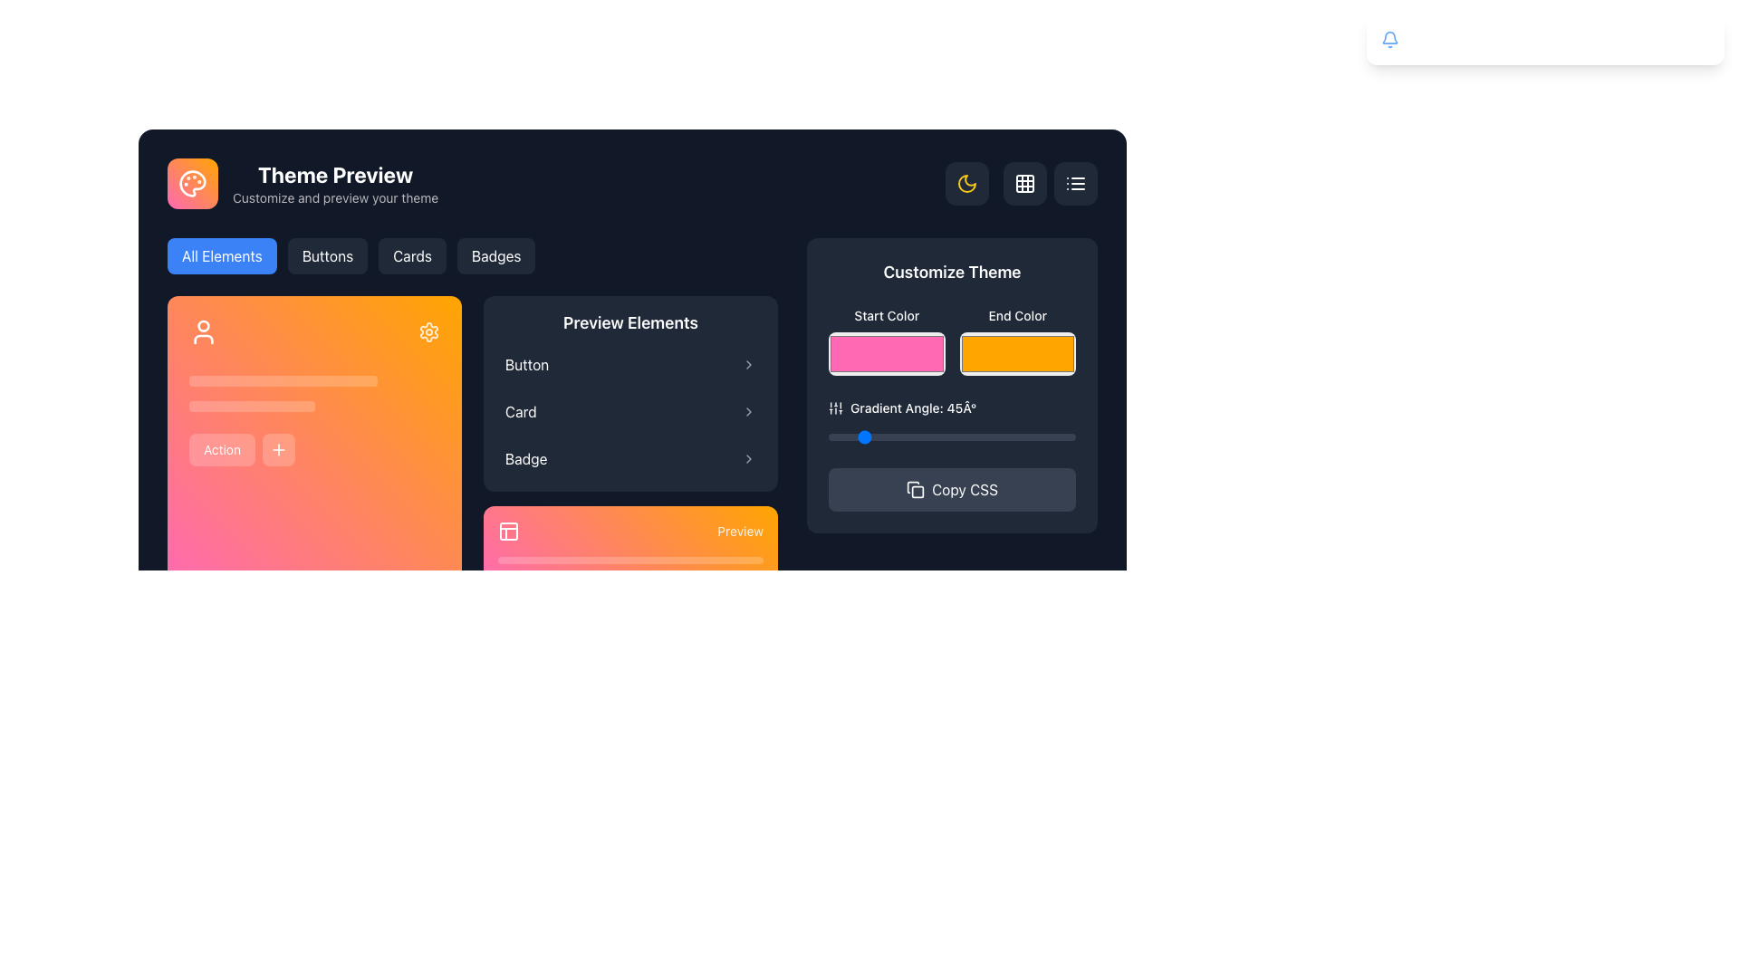 The width and height of the screenshot is (1739, 978). Describe the element at coordinates (324, 379) in the screenshot. I see `the slider` at that location.